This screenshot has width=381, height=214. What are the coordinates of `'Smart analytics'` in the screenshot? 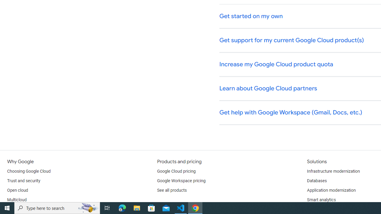 It's located at (321, 200).